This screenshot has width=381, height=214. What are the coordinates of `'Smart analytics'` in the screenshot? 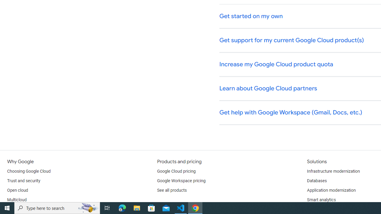 It's located at (321, 200).